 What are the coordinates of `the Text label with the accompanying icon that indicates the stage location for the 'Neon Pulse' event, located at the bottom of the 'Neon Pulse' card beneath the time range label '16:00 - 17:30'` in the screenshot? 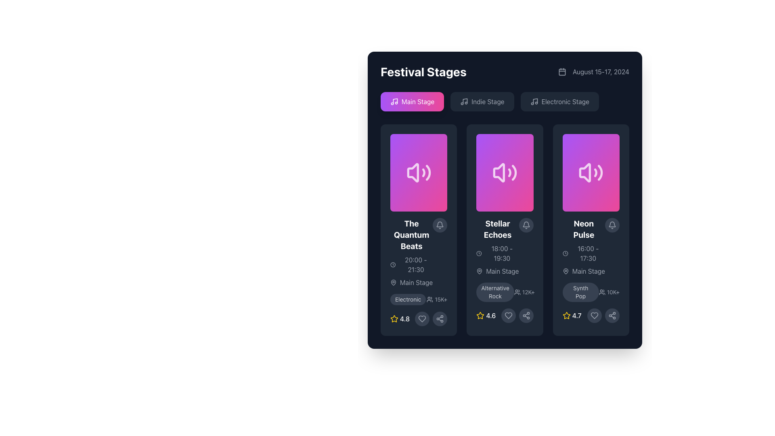 It's located at (584, 271).